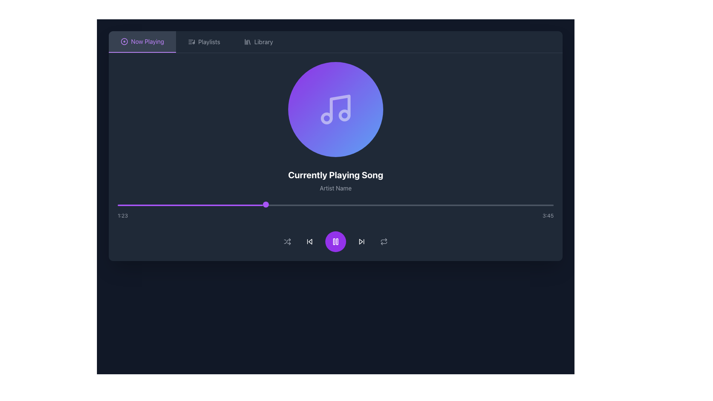 This screenshot has width=713, height=401. Describe the element at coordinates (142, 42) in the screenshot. I see `the 'Now Playing' navigation tab located in the top-left section of the interface to trigger its hover effect` at that location.